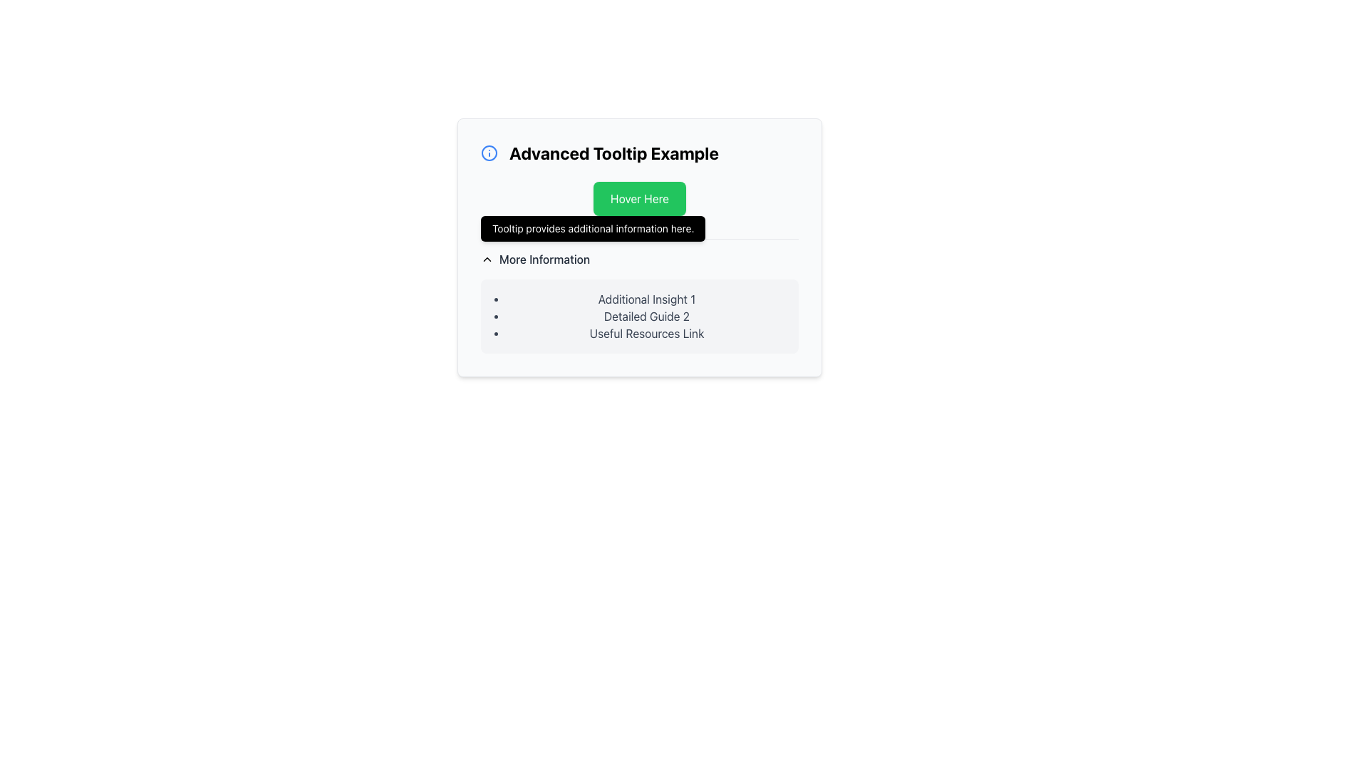 The height and width of the screenshot is (770, 1368). I want to click on the Collapsible Header with Text labeled 'More Information', so click(534, 259).